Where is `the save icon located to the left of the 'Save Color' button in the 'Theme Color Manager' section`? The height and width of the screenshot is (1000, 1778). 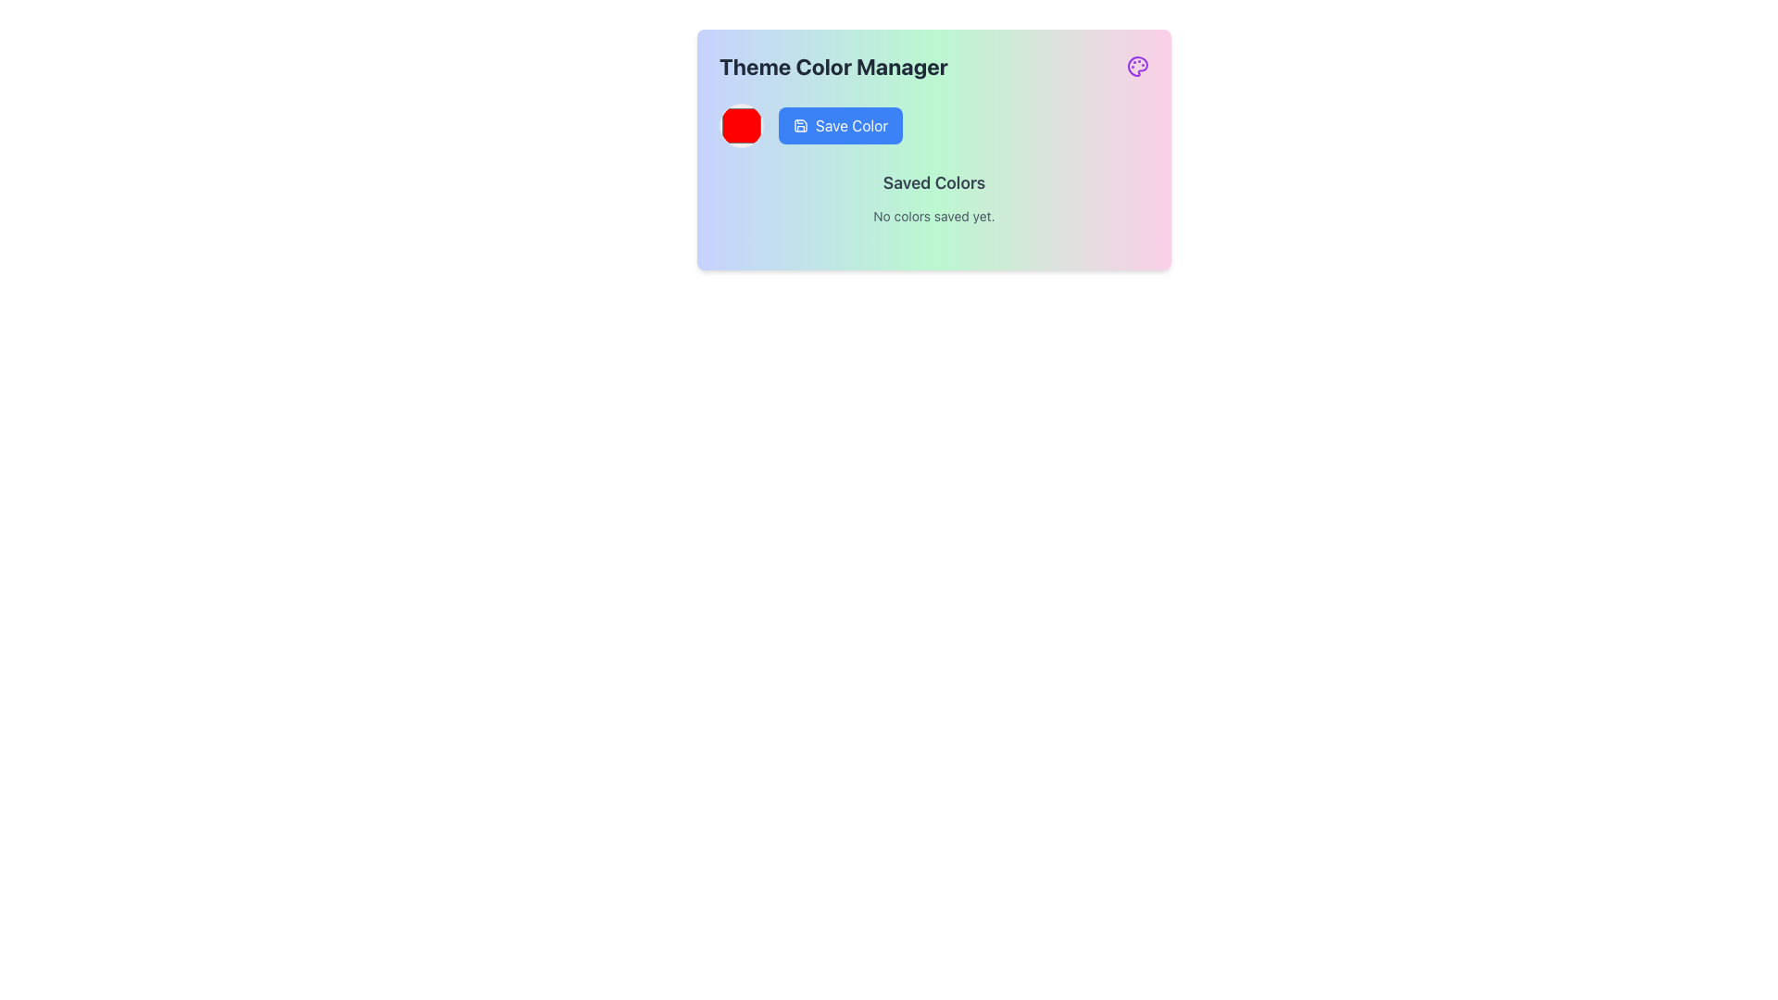
the save icon located to the left of the 'Save Color' button in the 'Theme Color Manager' section is located at coordinates (800, 125).